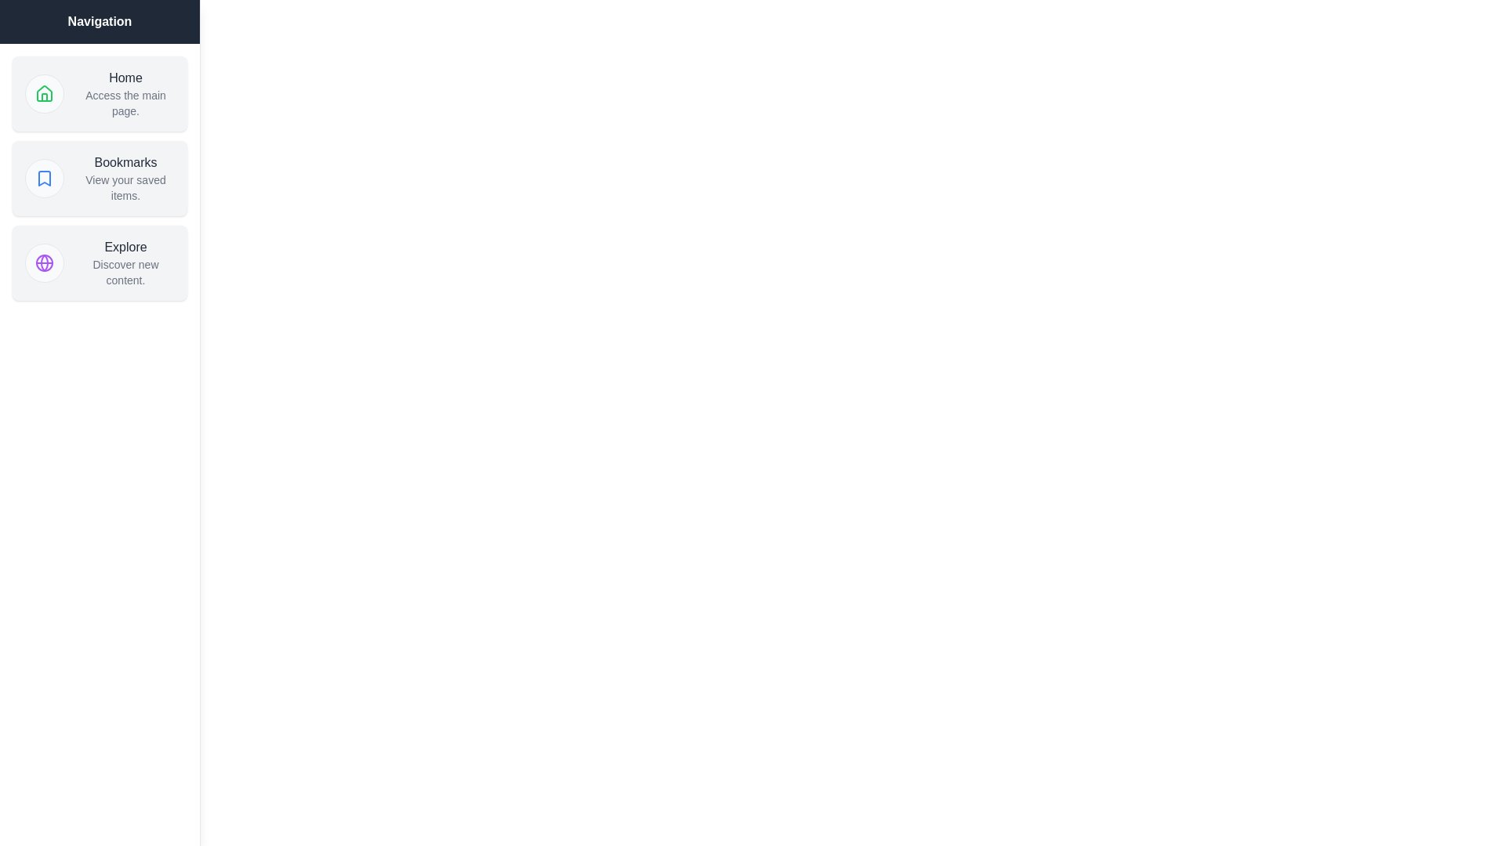 This screenshot has width=1505, height=846. I want to click on the menu item Explore to observe its hover effect, so click(99, 262).